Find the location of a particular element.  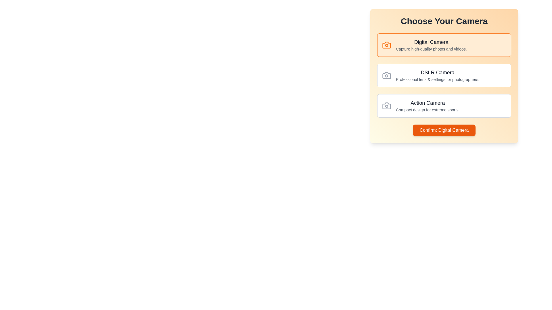

the 'Action Camera' icon, which is the third option in the list of camera types and is positioned on the left side of the associated descriptive text is located at coordinates (386, 106).